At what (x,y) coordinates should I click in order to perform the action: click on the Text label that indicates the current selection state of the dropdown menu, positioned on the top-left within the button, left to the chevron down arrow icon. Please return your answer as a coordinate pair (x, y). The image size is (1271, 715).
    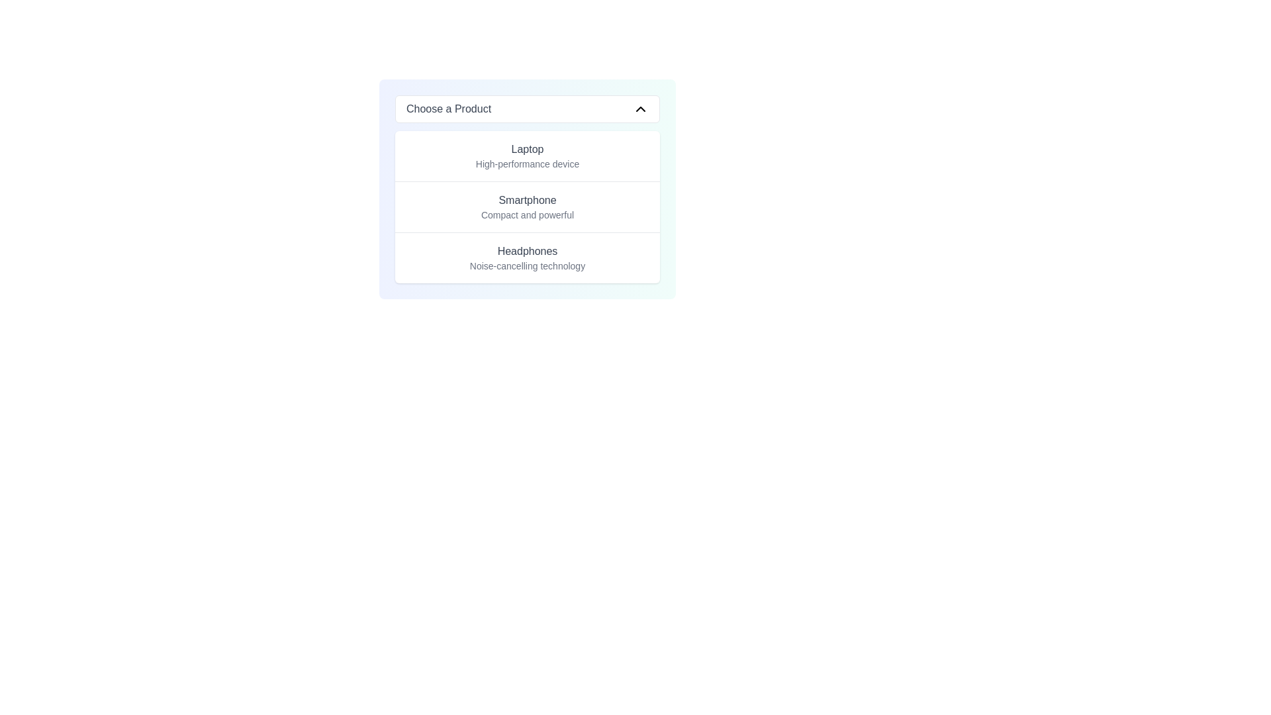
    Looking at the image, I should click on (448, 109).